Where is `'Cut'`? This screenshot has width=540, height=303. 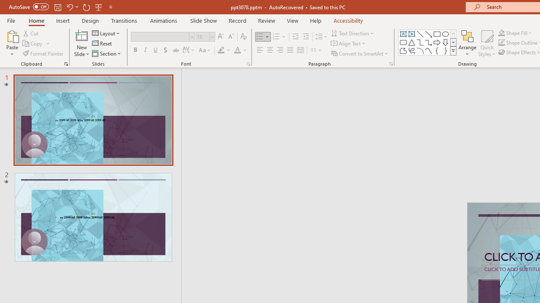
'Cut' is located at coordinates (31, 33).